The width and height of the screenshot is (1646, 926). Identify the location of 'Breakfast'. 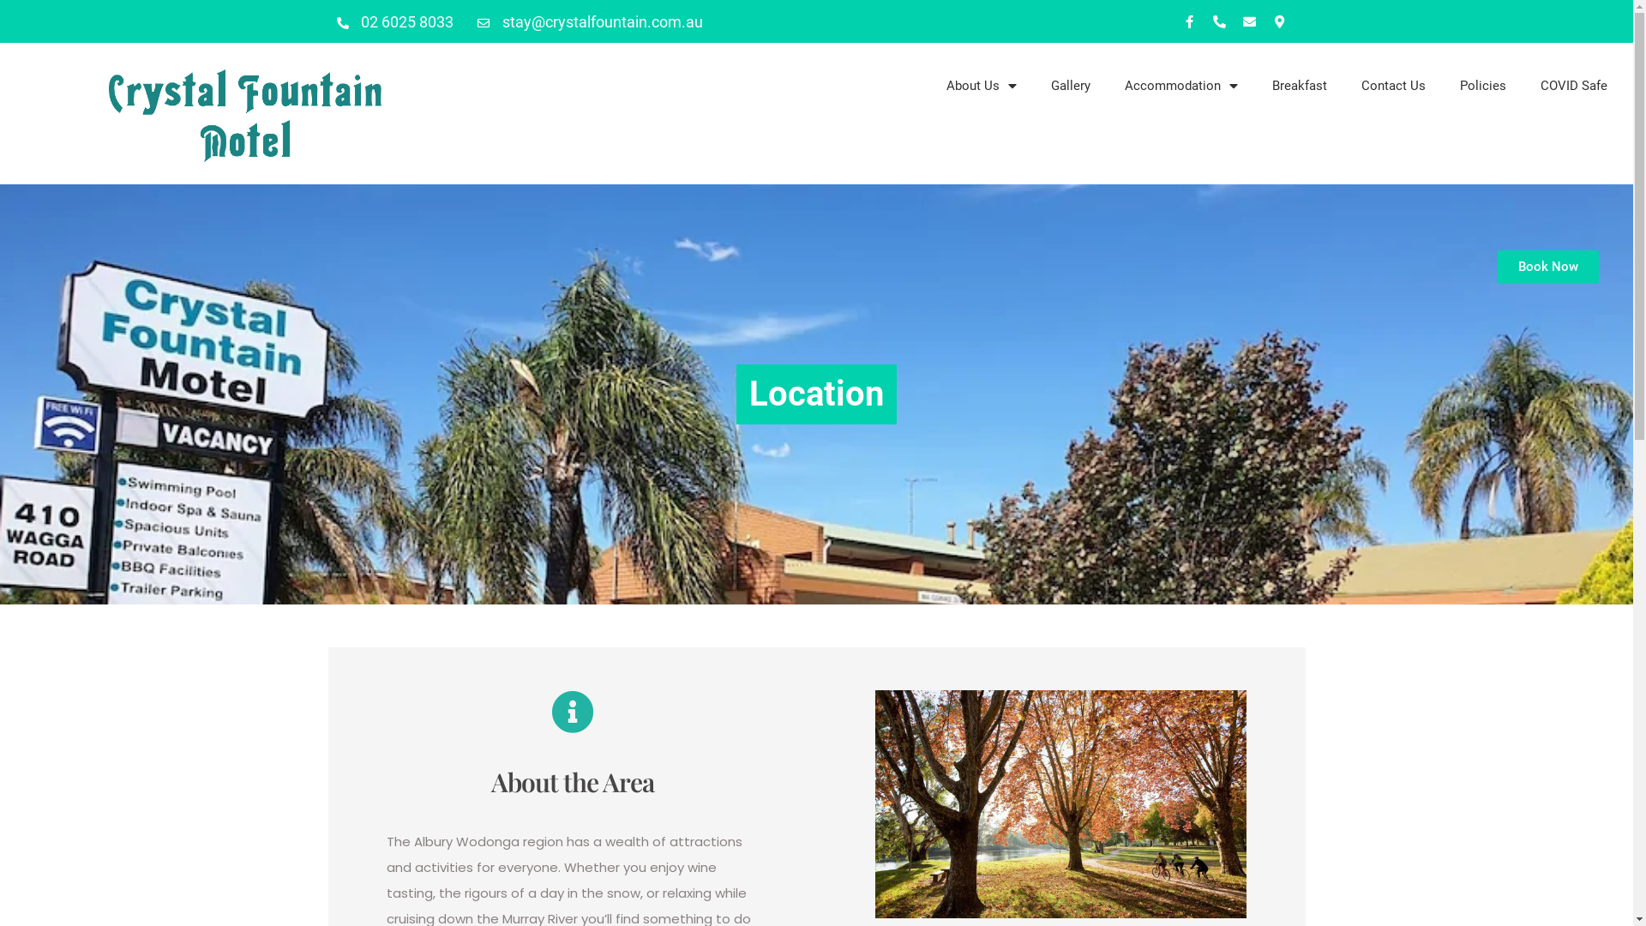
(1300, 86).